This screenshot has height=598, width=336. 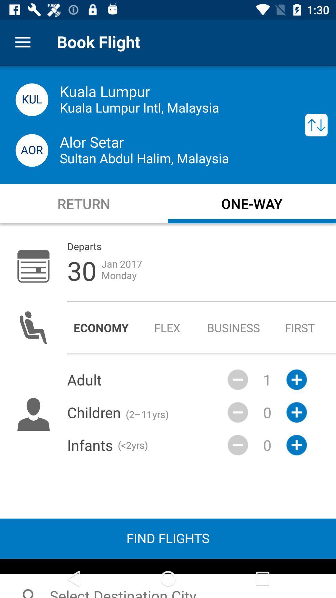 What do you see at coordinates (300, 327) in the screenshot?
I see `the first` at bounding box center [300, 327].